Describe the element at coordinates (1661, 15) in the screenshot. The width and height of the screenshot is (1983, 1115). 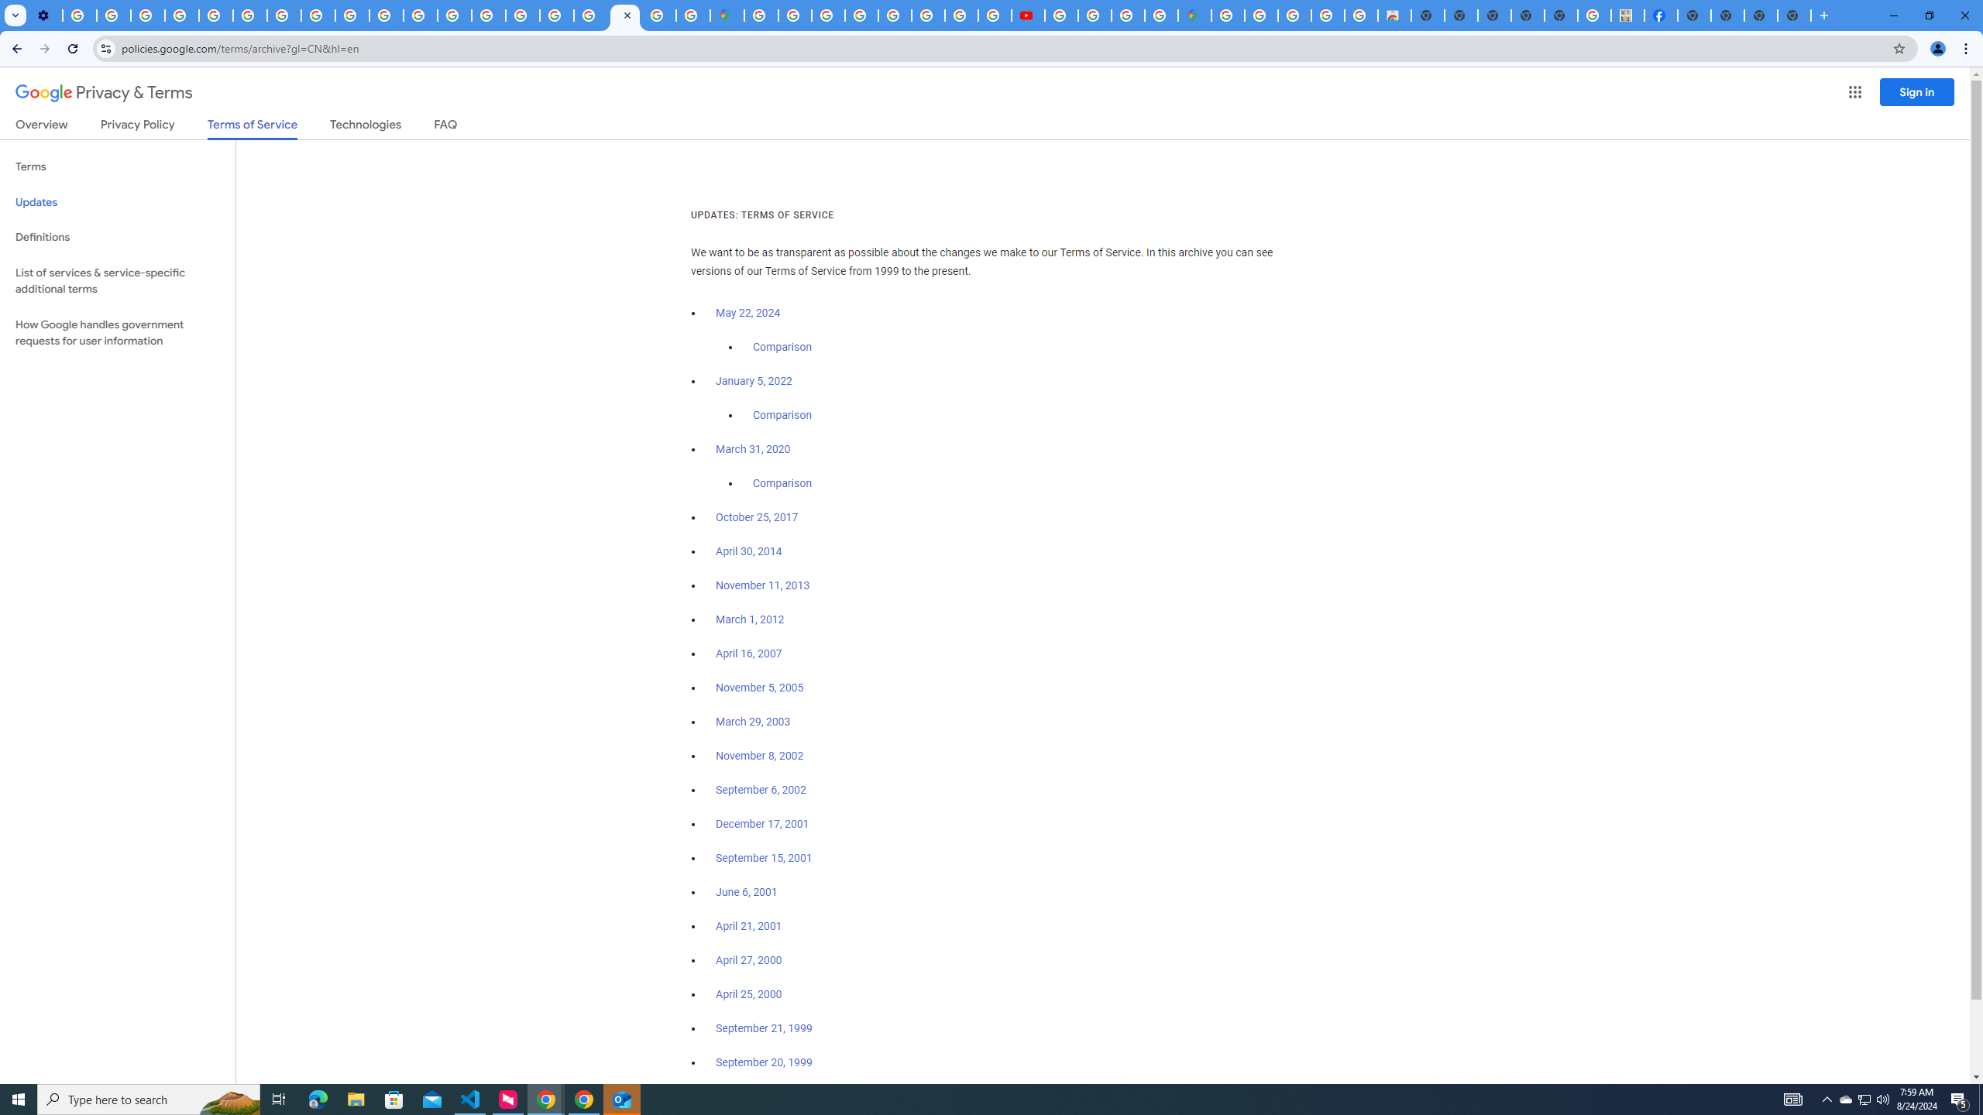
I see `'Miley Cyrus | Facebook'` at that location.